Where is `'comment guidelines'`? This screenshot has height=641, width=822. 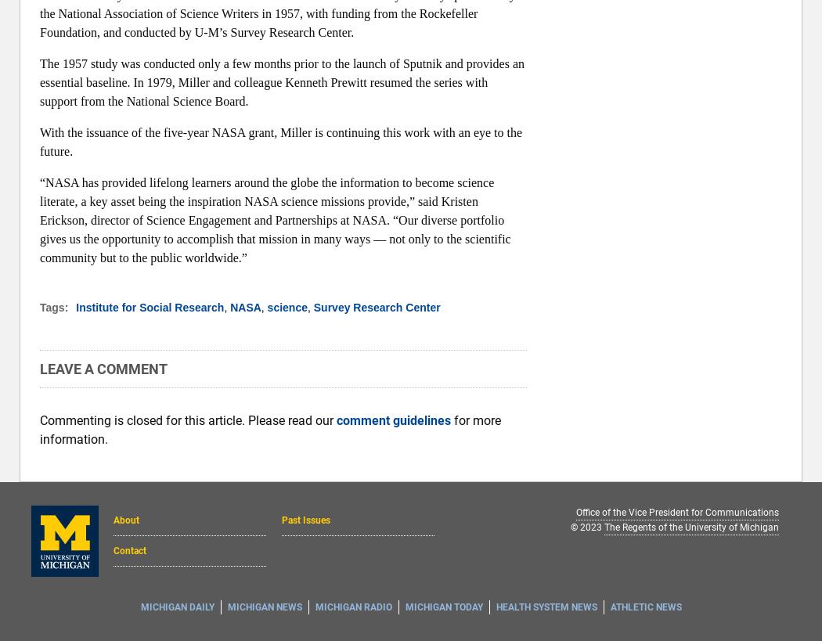 'comment guidelines' is located at coordinates (335, 420).